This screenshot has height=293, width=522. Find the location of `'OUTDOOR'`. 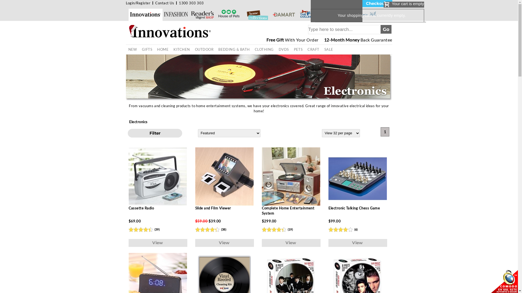

'OUTDOOR' is located at coordinates (192, 49).